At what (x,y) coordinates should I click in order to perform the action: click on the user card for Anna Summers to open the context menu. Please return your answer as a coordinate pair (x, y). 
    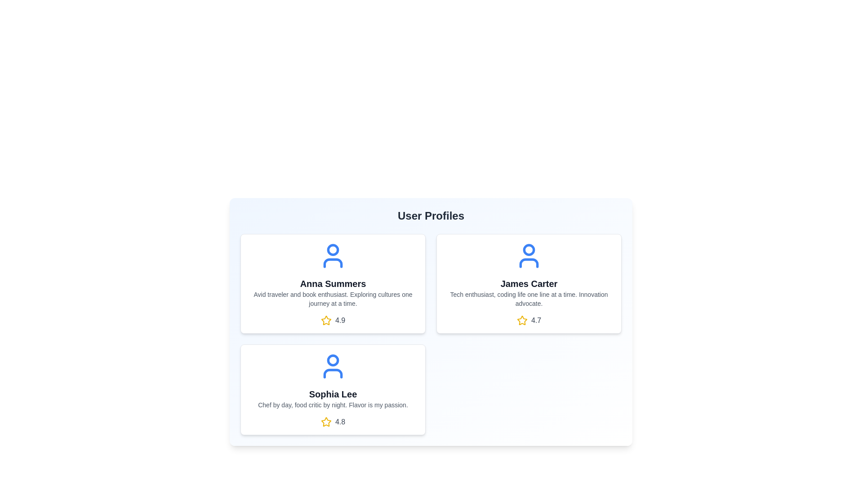
    Looking at the image, I should click on (332, 284).